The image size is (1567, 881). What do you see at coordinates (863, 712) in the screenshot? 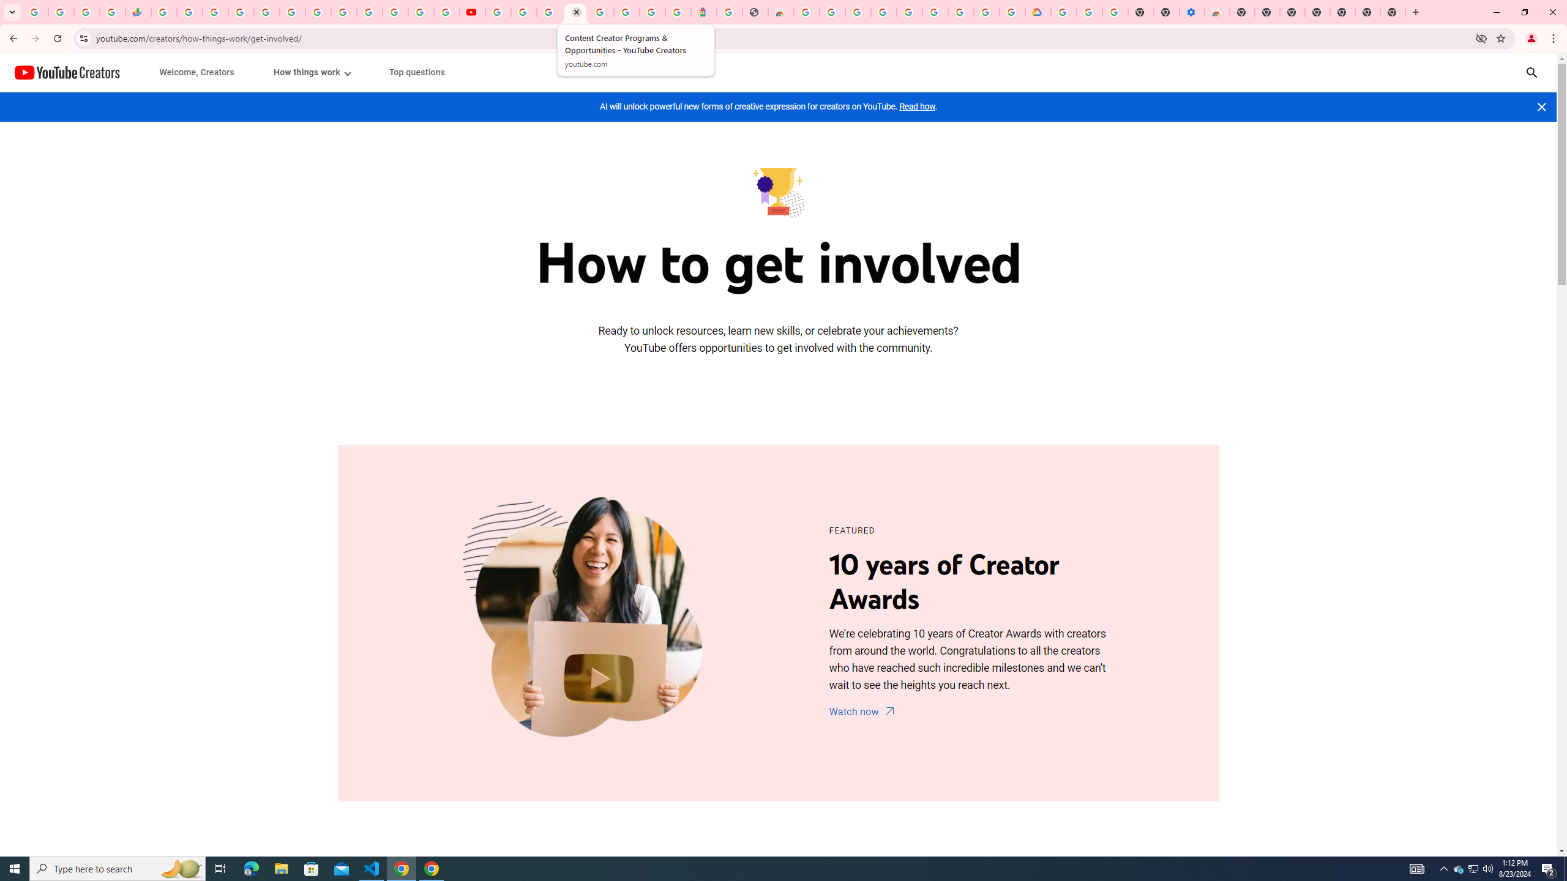
I see `'Watch now'` at bounding box center [863, 712].